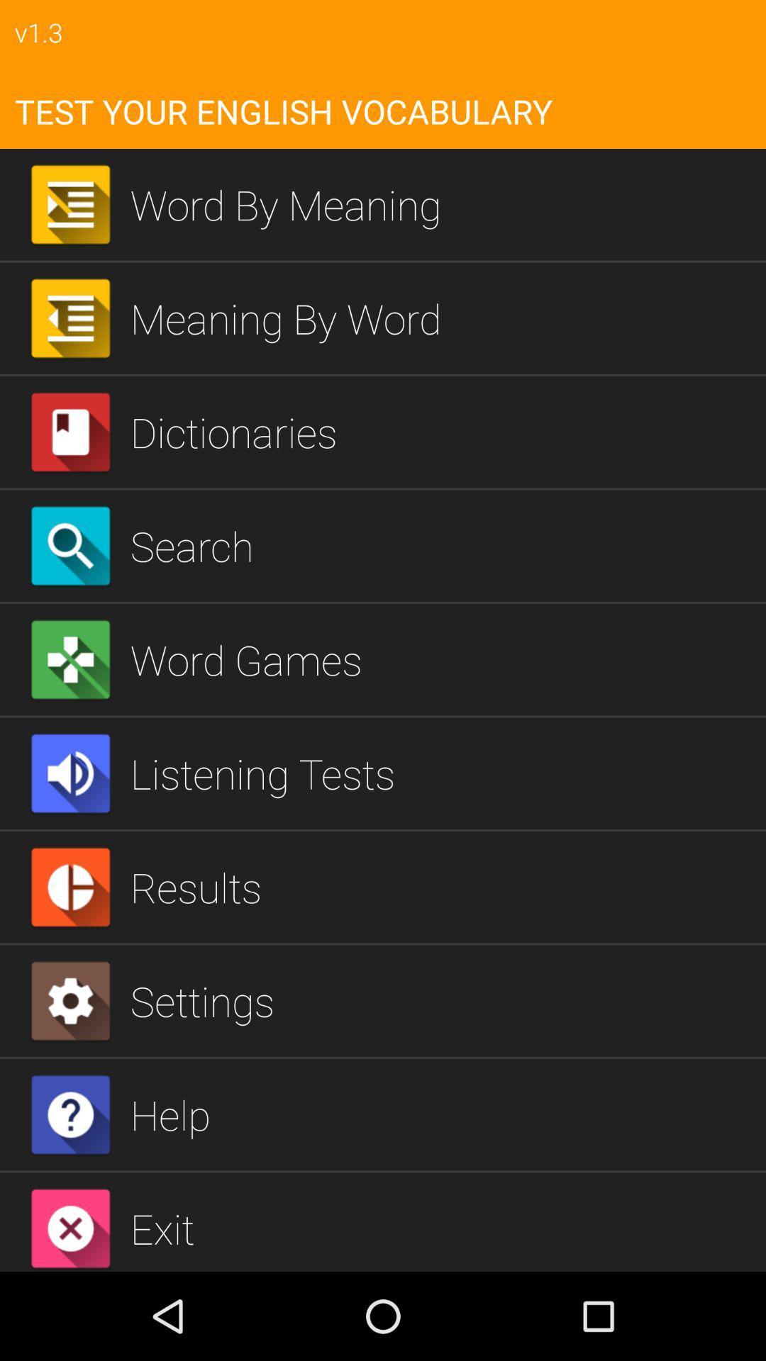 The image size is (766, 1361). Describe the element at coordinates (442, 773) in the screenshot. I see `listening tests icon` at that location.